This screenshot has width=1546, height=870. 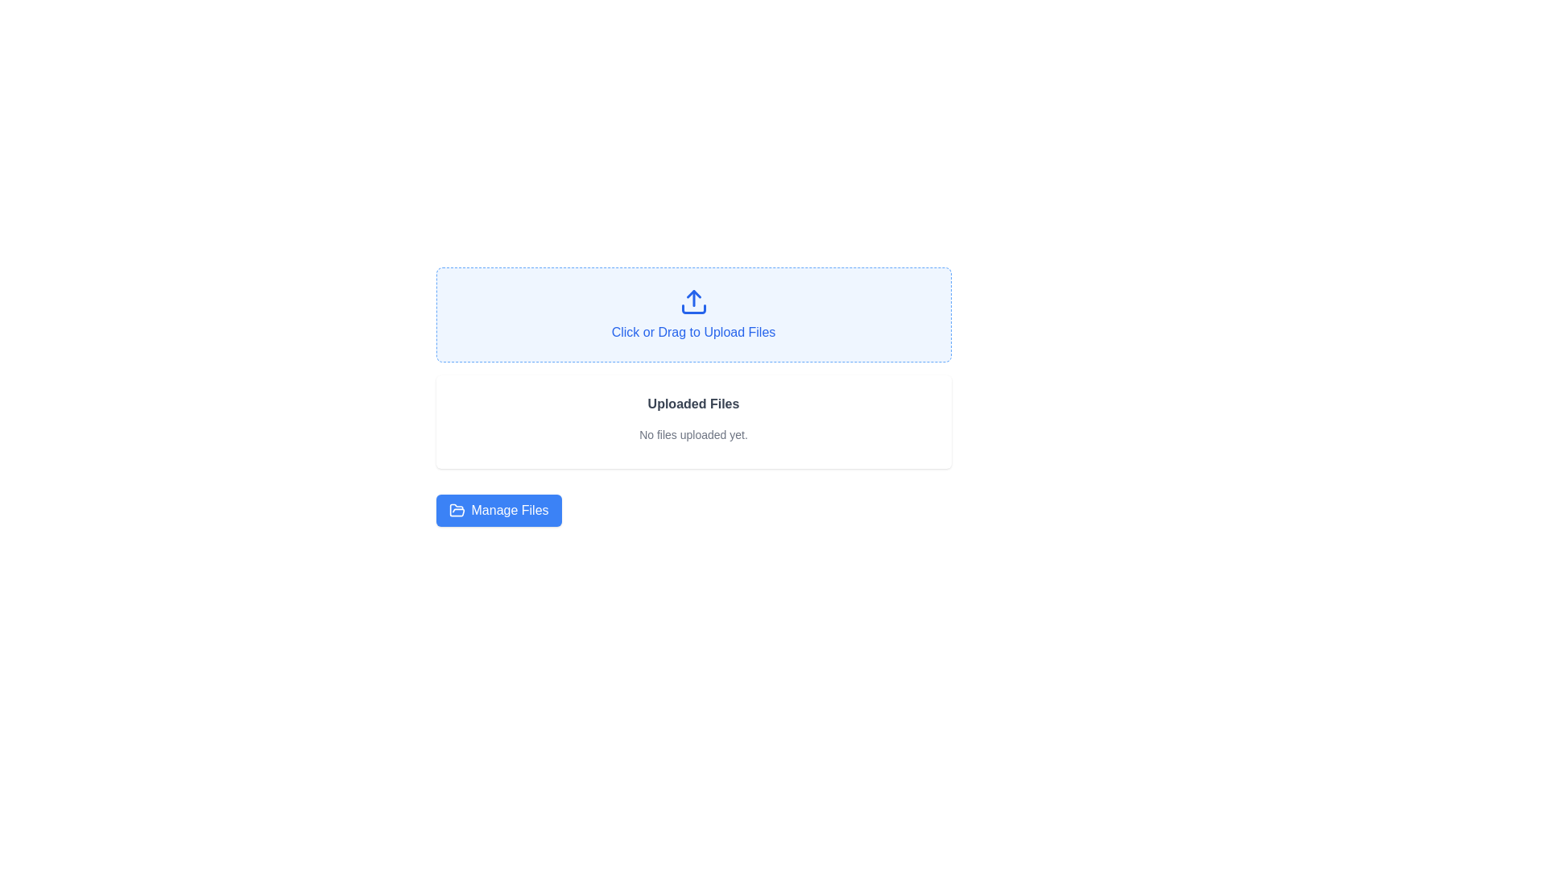 What do you see at coordinates (693, 331) in the screenshot?
I see `the instructional text element that informs users about the method for uploading files, located beneath the upload icon in the upload area` at bounding box center [693, 331].